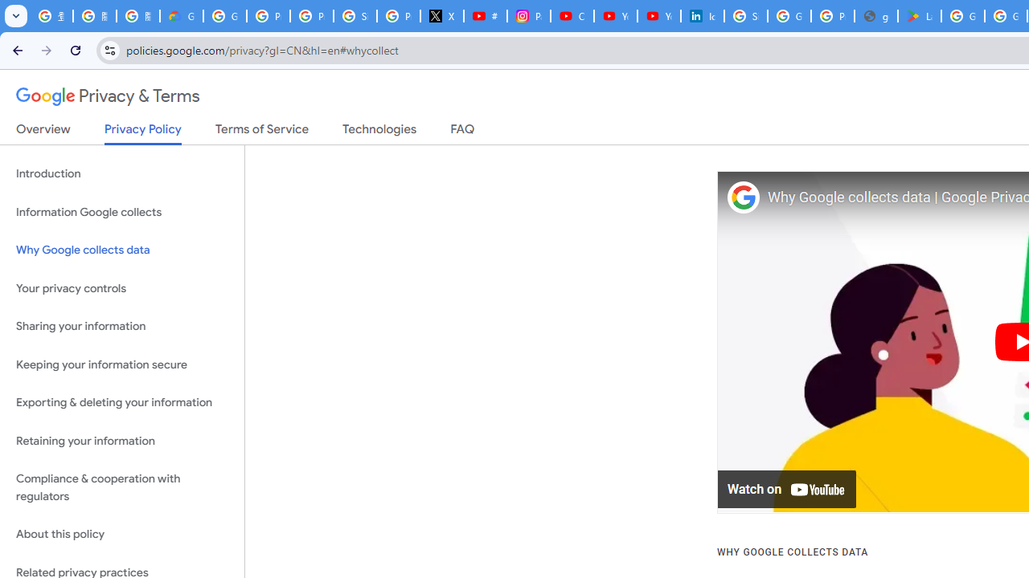  I want to click on 'YouTube Culture & Trends - YouTube Top 10, 2021', so click(658, 16).